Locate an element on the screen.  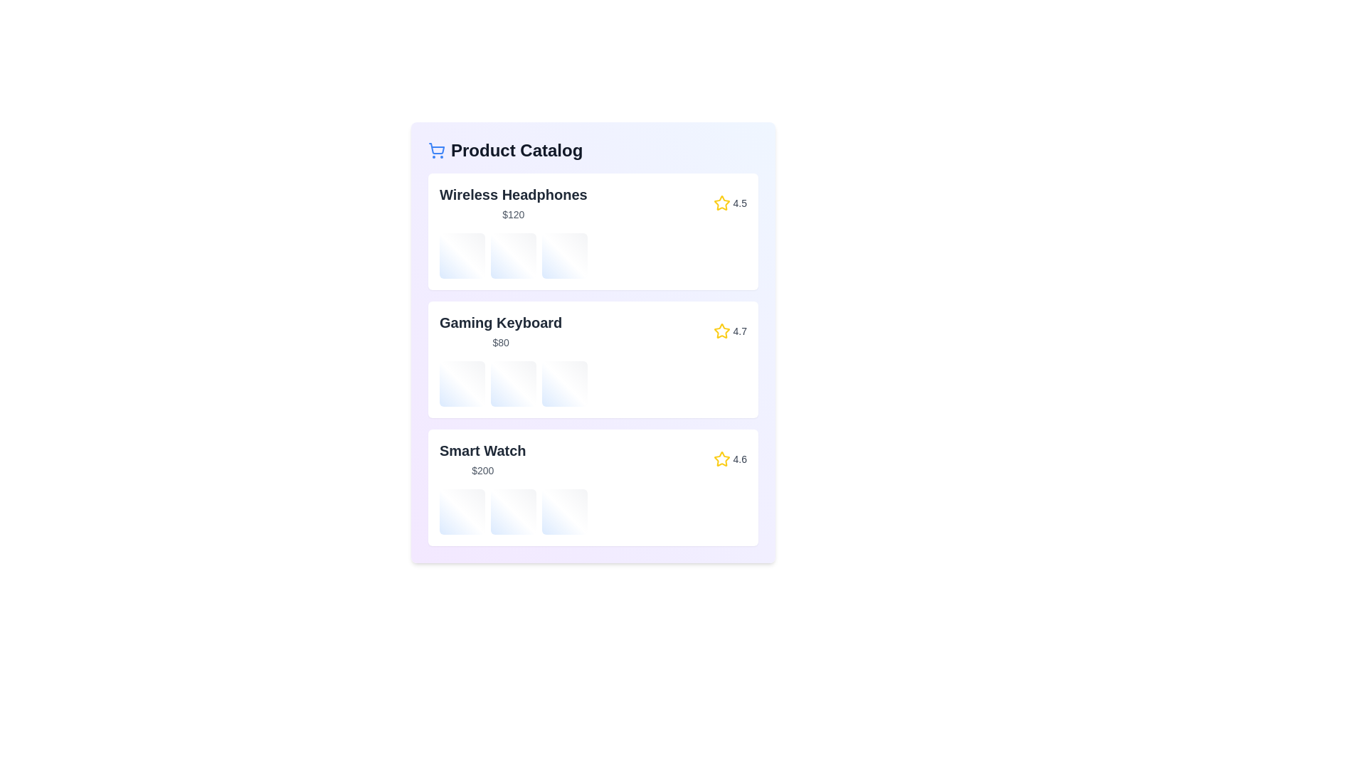
the image placeholders for the product images in the component is located at coordinates (462, 255).